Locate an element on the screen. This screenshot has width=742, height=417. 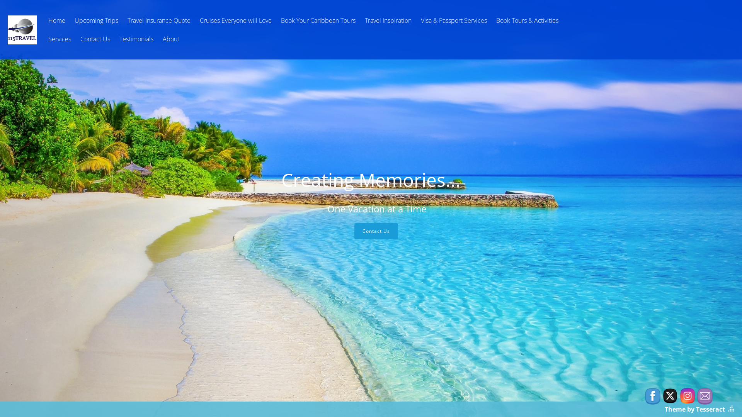
'Services' is located at coordinates (44, 39).